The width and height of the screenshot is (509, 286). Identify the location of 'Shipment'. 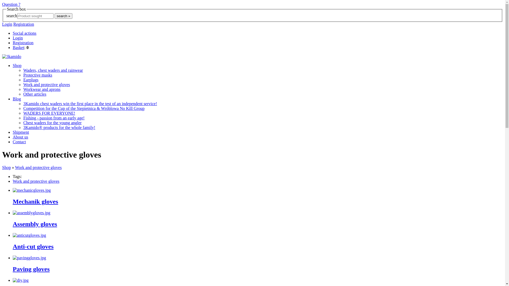
(21, 132).